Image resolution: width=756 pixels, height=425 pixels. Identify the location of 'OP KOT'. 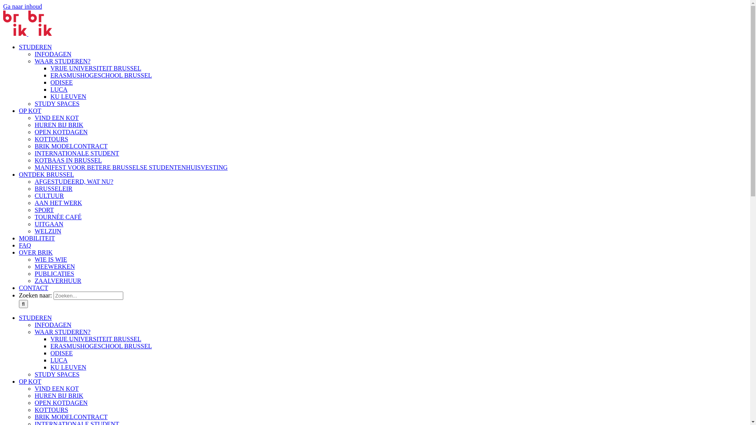
(19, 381).